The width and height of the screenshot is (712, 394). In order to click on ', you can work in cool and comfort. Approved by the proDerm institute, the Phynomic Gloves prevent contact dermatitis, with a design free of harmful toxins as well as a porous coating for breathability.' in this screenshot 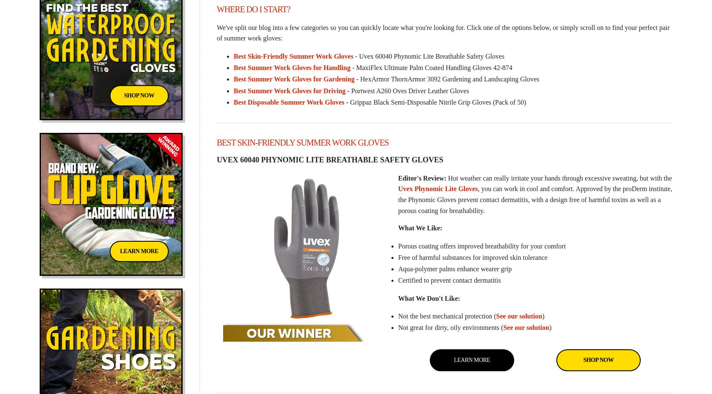, I will do `click(397, 199)`.